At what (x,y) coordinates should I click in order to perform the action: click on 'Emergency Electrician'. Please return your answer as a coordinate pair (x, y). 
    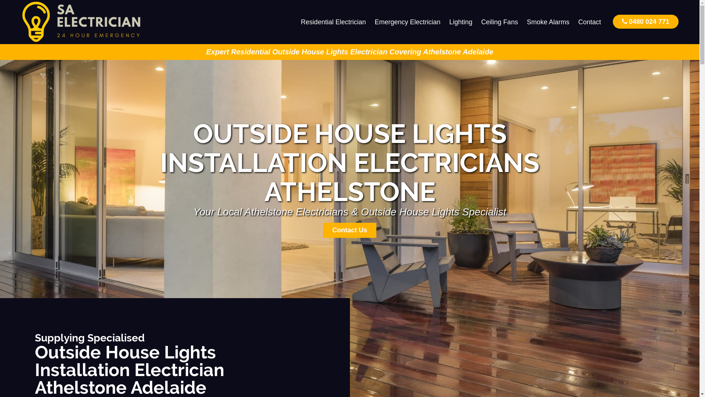
    Looking at the image, I should click on (407, 22).